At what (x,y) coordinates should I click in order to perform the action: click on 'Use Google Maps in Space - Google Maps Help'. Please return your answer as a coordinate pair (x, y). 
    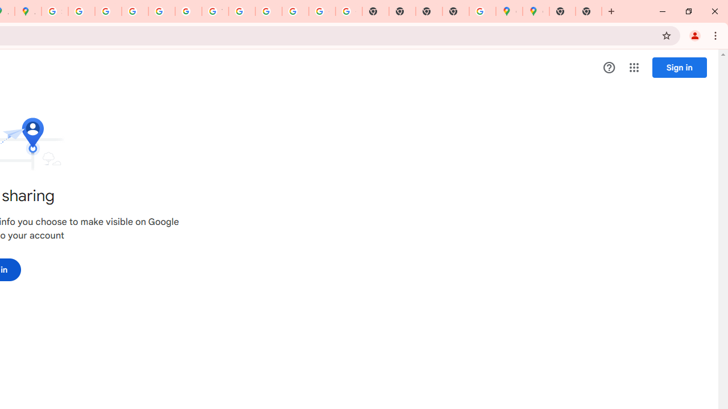
    Looking at the image, I should click on (482, 11).